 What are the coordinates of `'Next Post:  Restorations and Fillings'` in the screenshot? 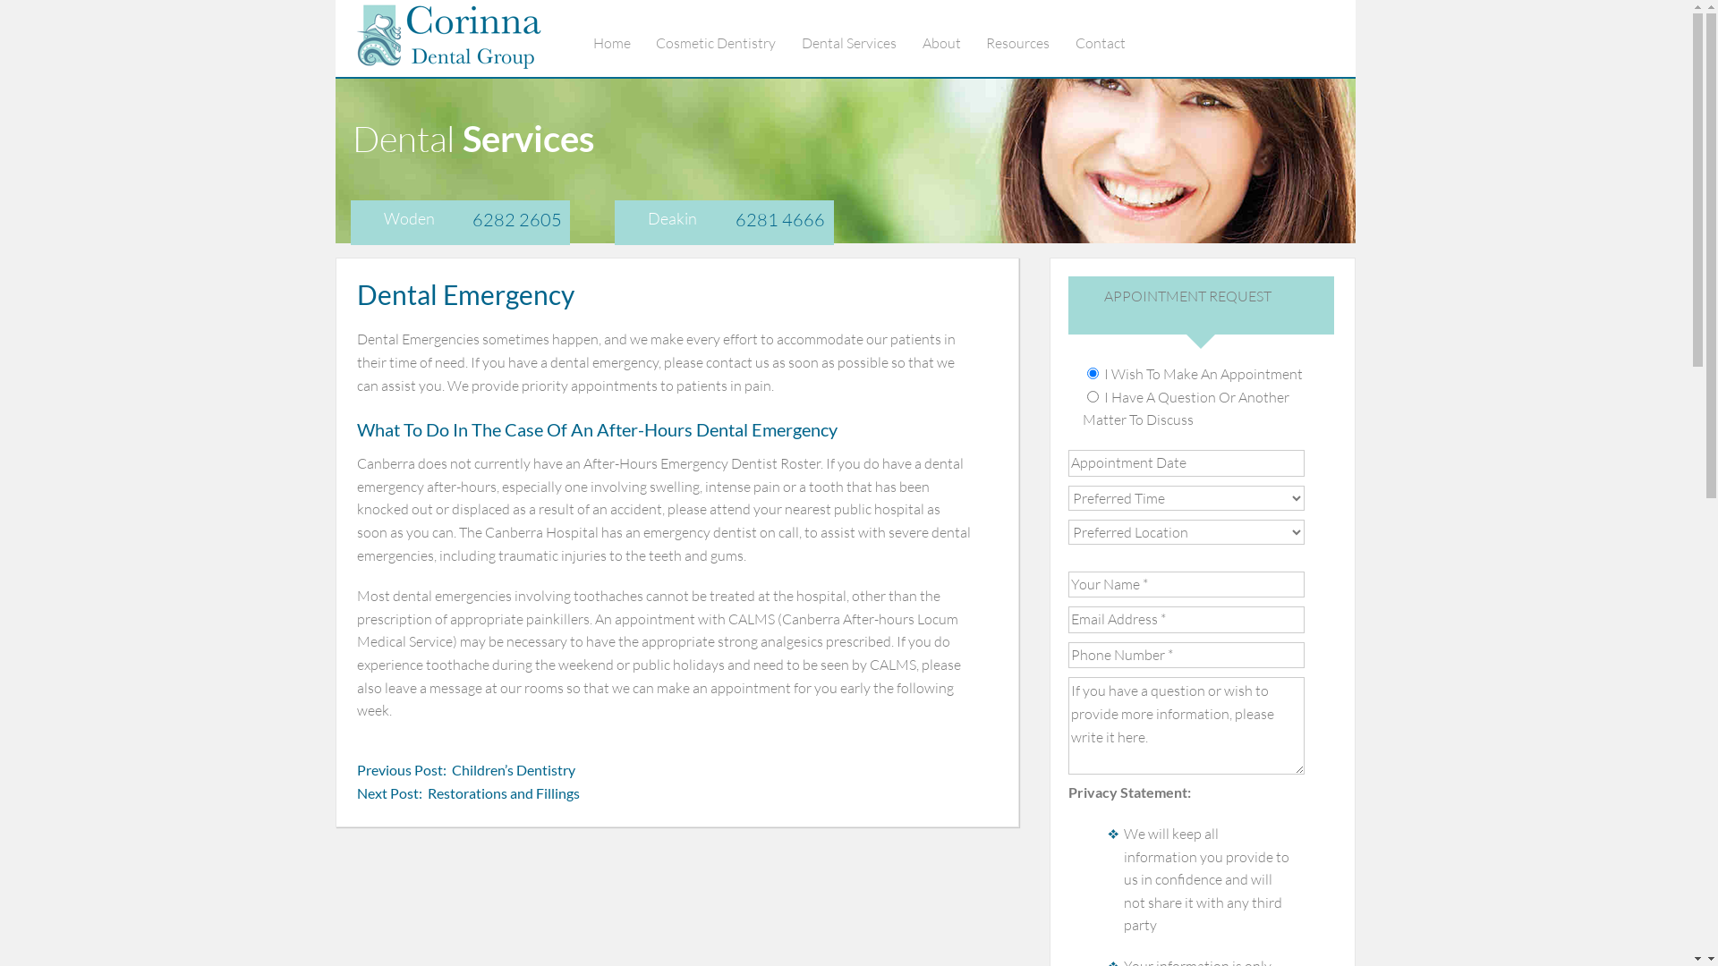 It's located at (468, 792).